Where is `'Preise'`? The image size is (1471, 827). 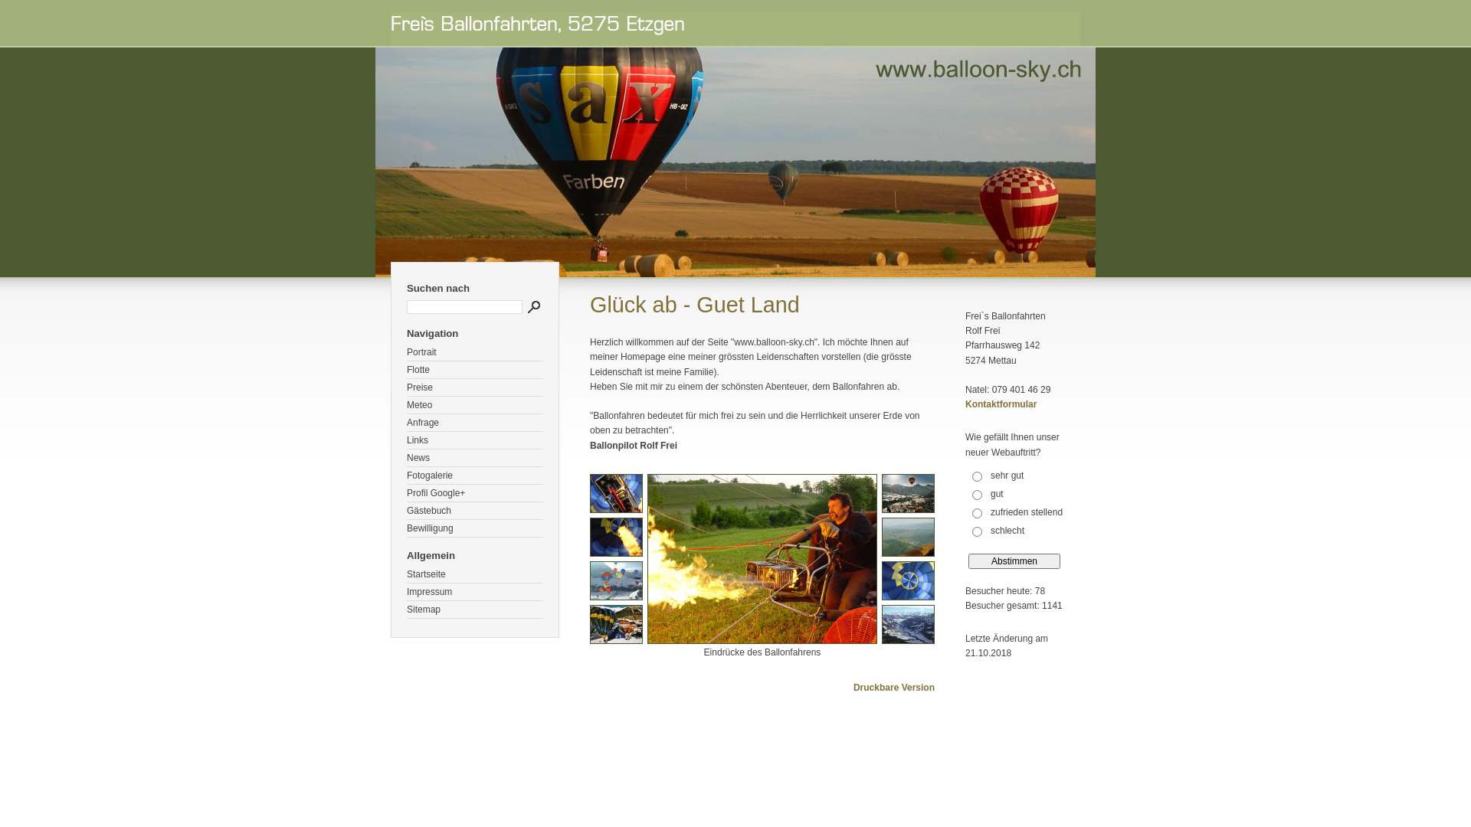 'Preise' is located at coordinates (473, 387).